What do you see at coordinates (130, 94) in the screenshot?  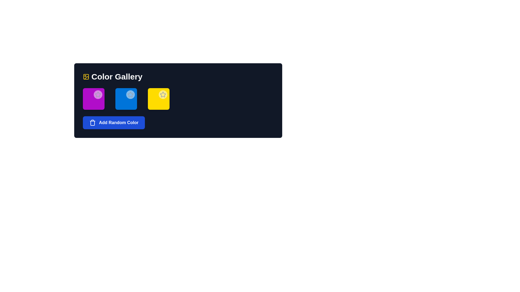 I see `the favorite button located in the top-right corner of the blue square section` at bounding box center [130, 94].